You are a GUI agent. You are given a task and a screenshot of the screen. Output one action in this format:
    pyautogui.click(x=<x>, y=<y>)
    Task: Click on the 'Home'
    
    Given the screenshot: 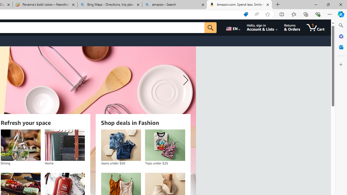 What is the action you would take?
    pyautogui.click(x=65, y=145)
    